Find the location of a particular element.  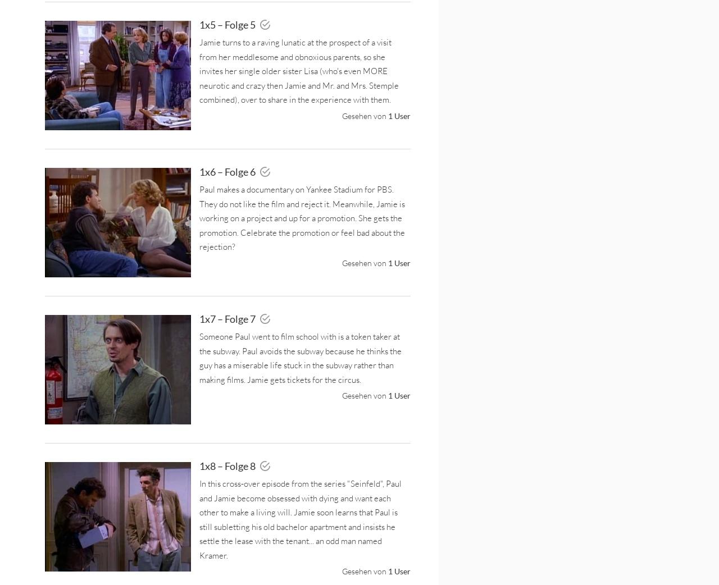

'1x5 – Folge 5' is located at coordinates (227, 24).